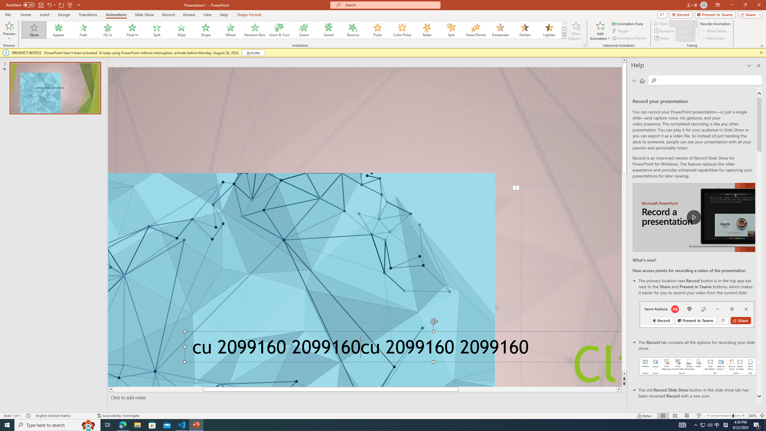 This screenshot has width=766, height=431. Describe the element at coordinates (279, 30) in the screenshot. I see `'Grow & Turn'` at that location.